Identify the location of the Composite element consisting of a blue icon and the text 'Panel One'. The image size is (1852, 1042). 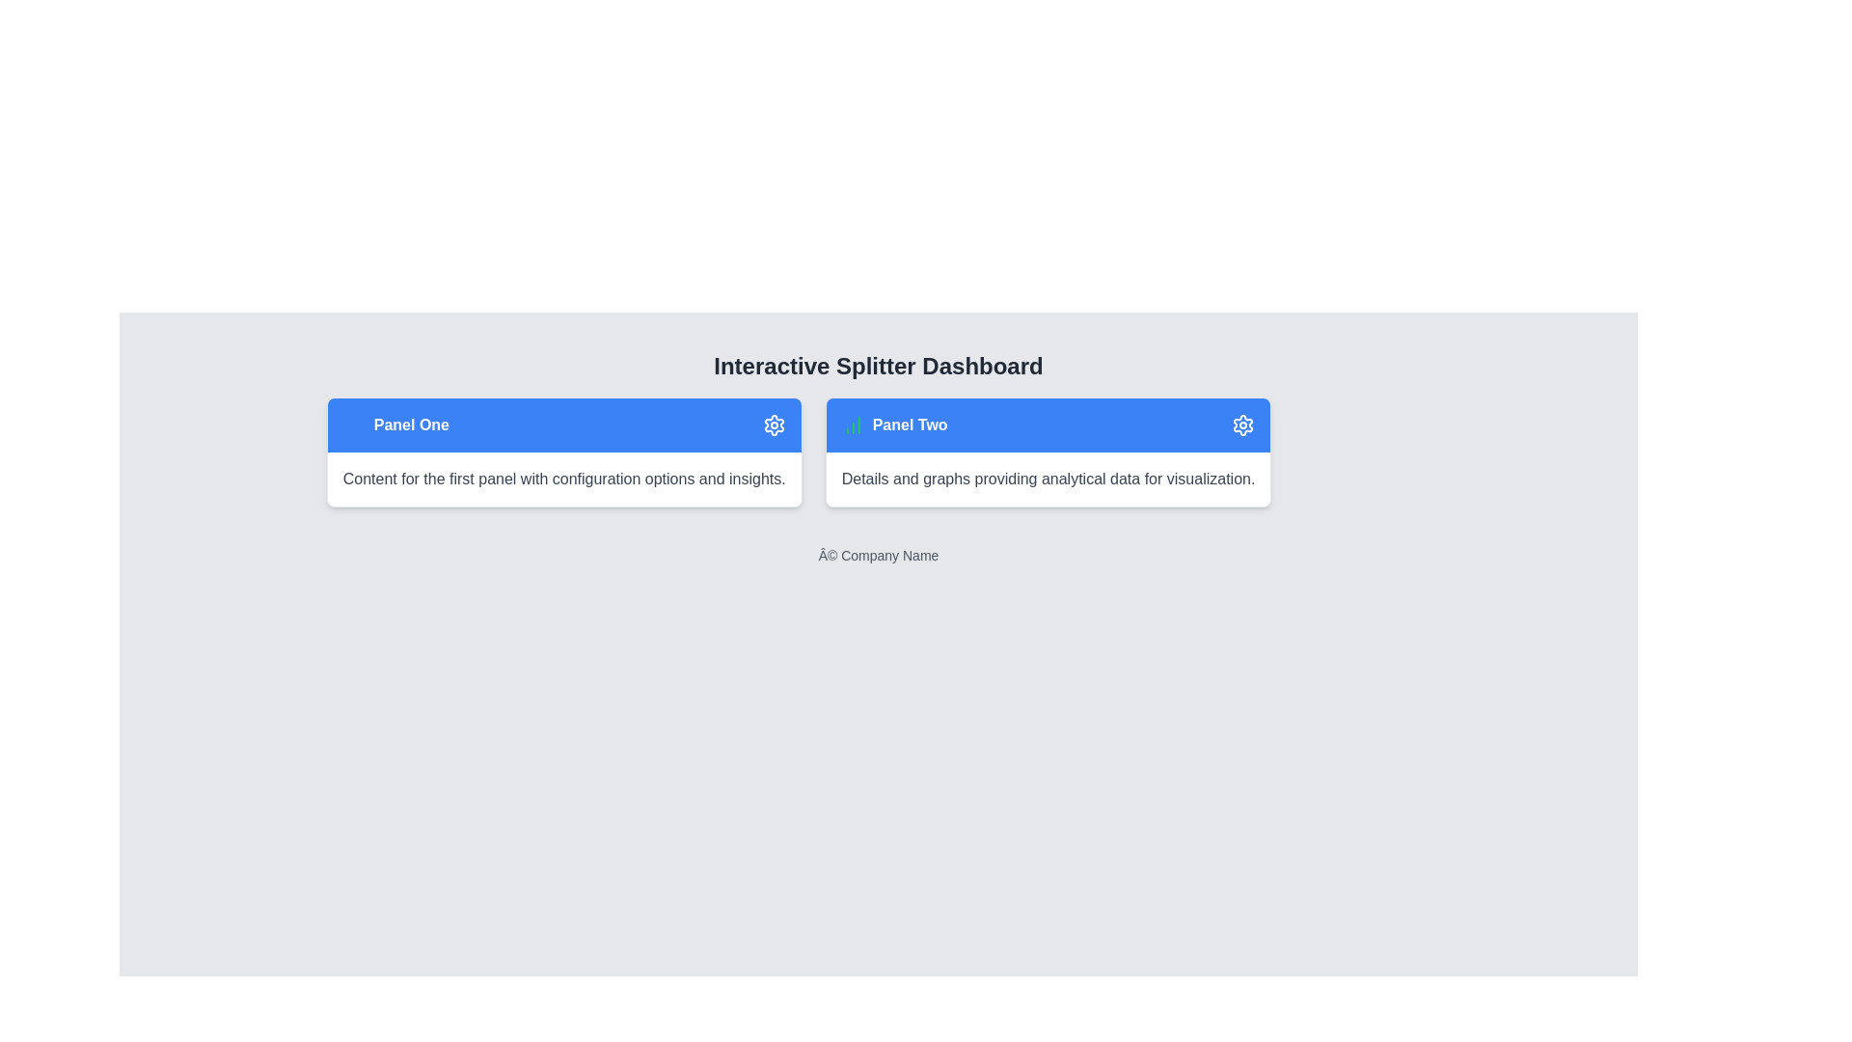
(395, 424).